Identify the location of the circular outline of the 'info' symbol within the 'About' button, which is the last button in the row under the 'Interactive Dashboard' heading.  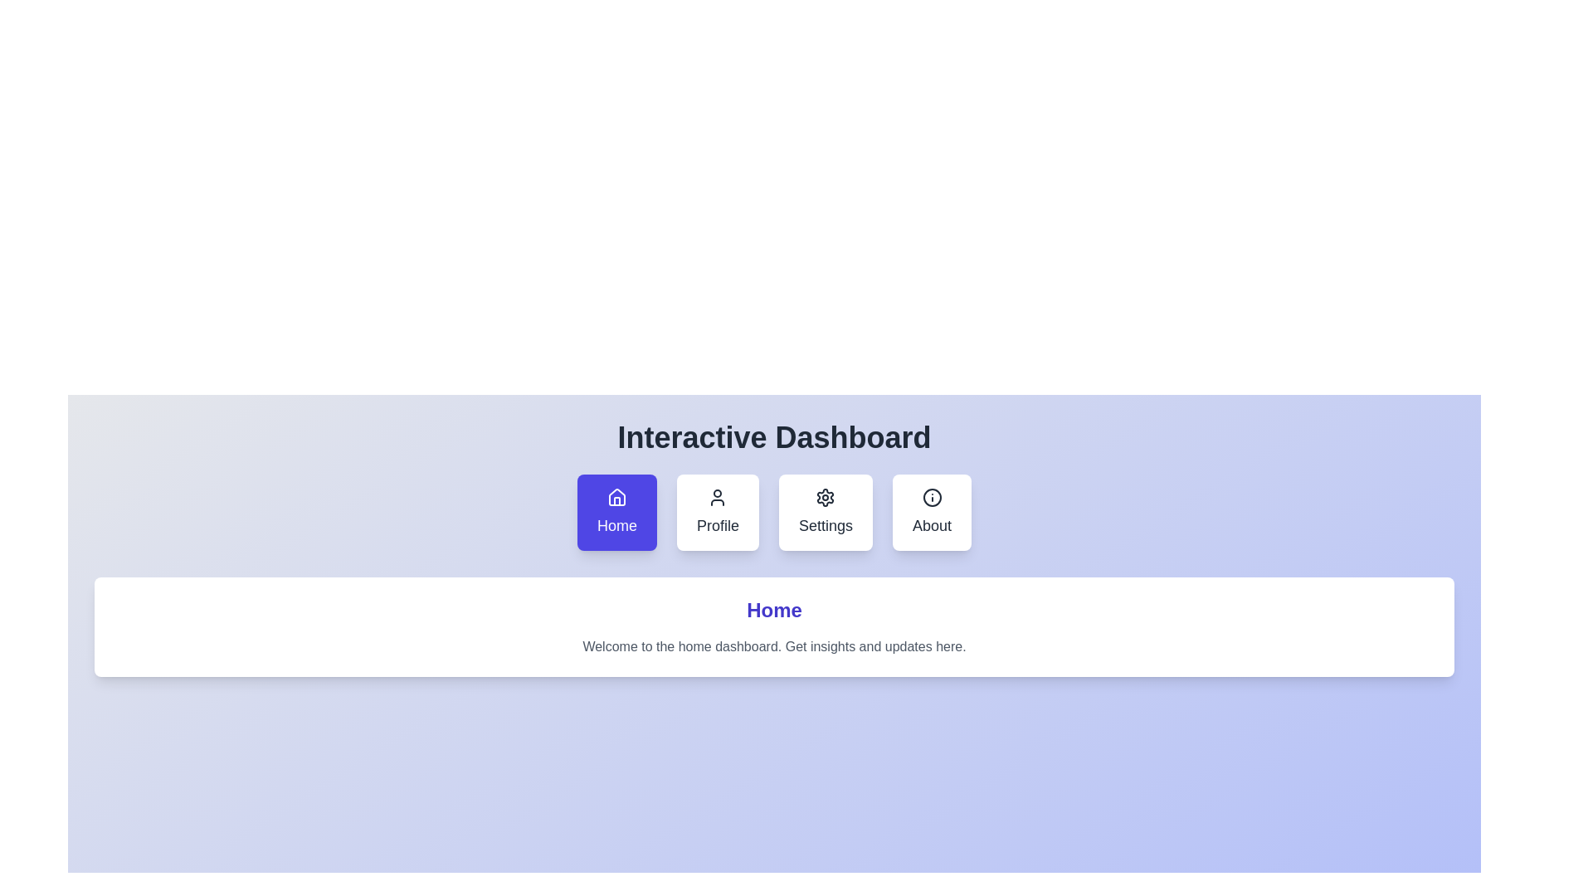
(932, 497).